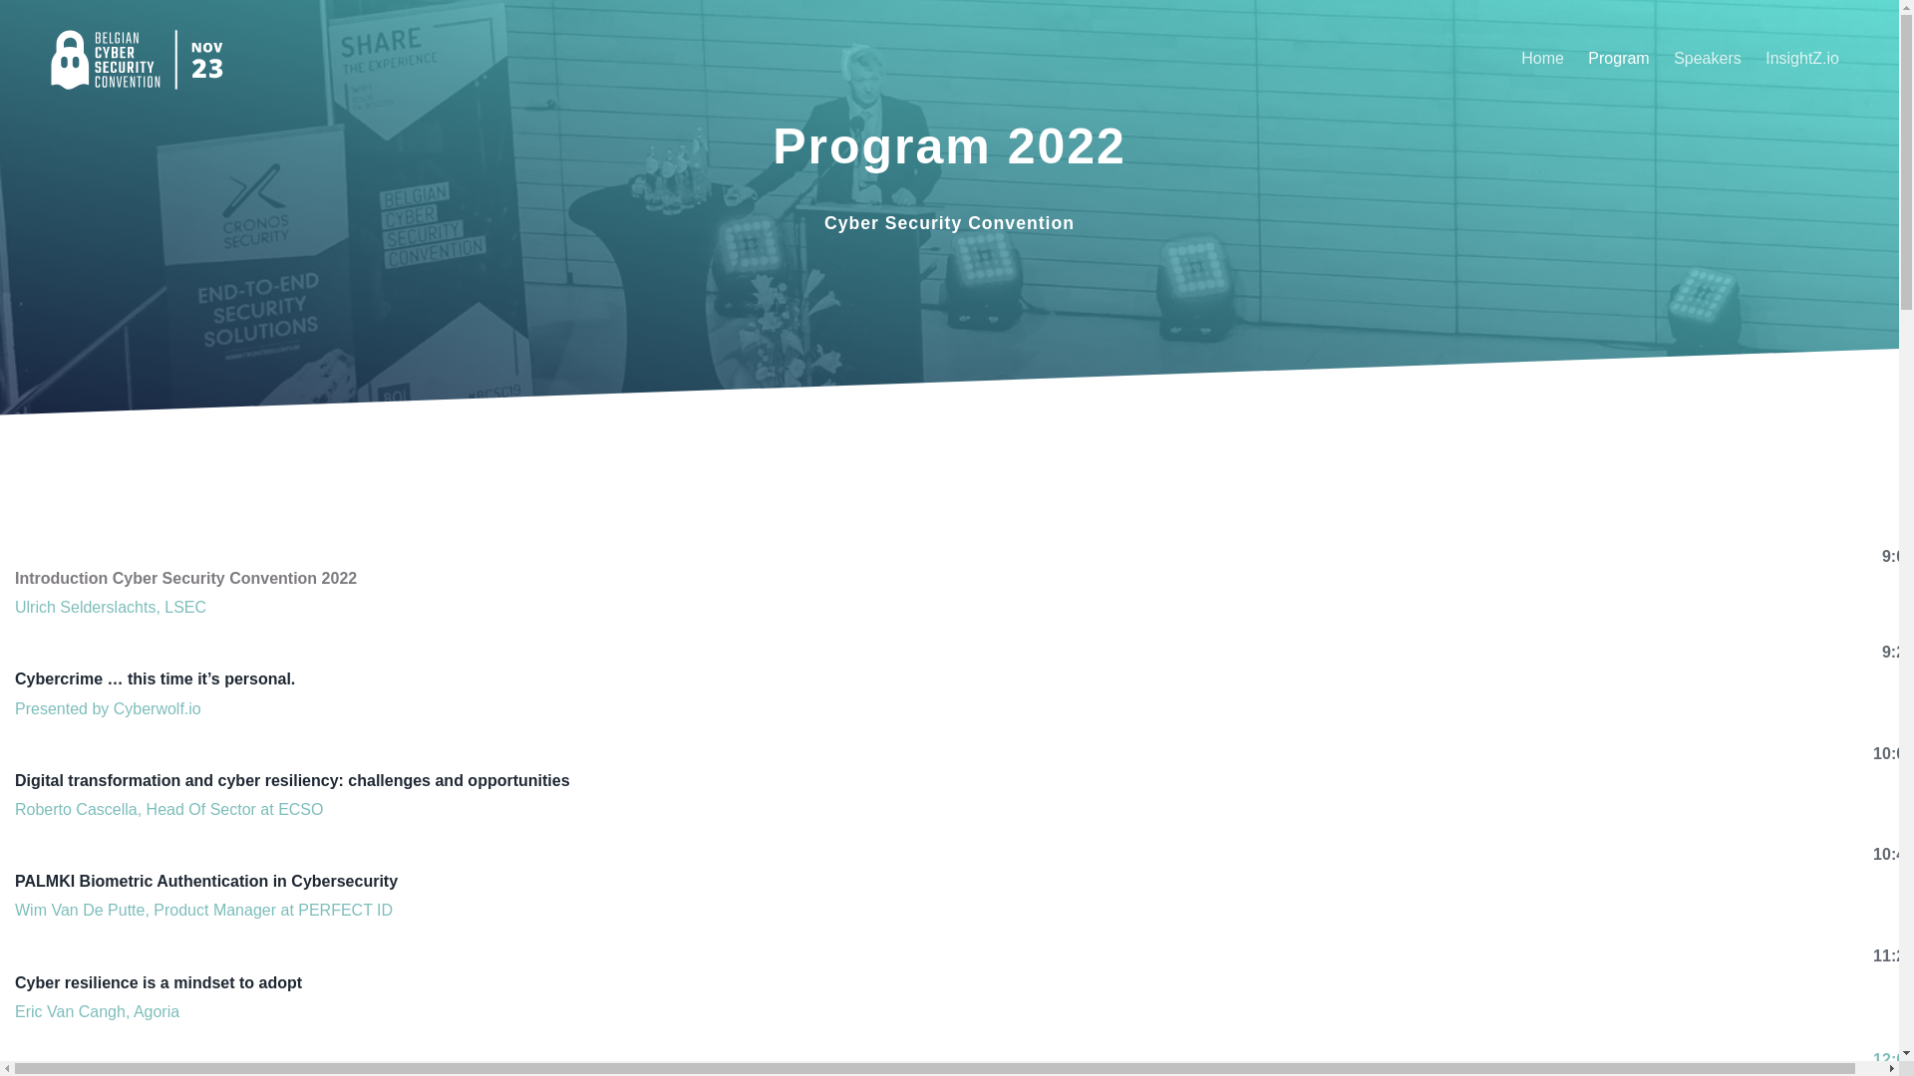 This screenshot has width=1914, height=1076. What do you see at coordinates (1511, 57) in the screenshot?
I see `'Home'` at bounding box center [1511, 57].